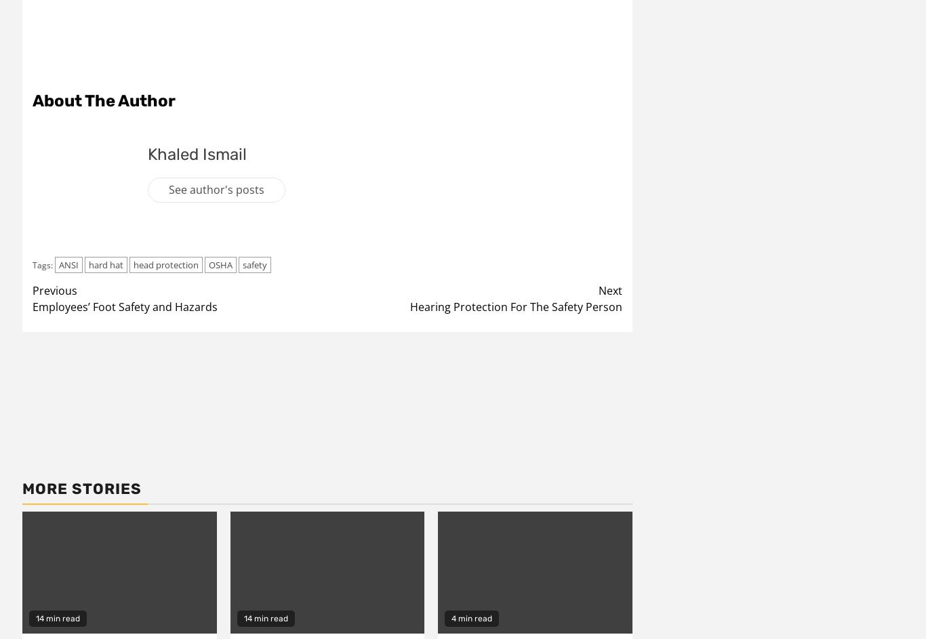 Image resolution: width=926 pixels, height=639 pixels. Describe the element at coordinates (87, 264) in the screenshot. I see `'hard hat'` at that location.